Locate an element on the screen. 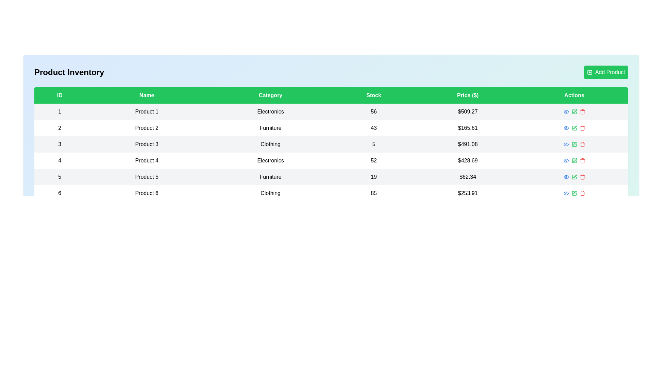  delete button for the product with ID 5 is located at coordinates (582, 176).